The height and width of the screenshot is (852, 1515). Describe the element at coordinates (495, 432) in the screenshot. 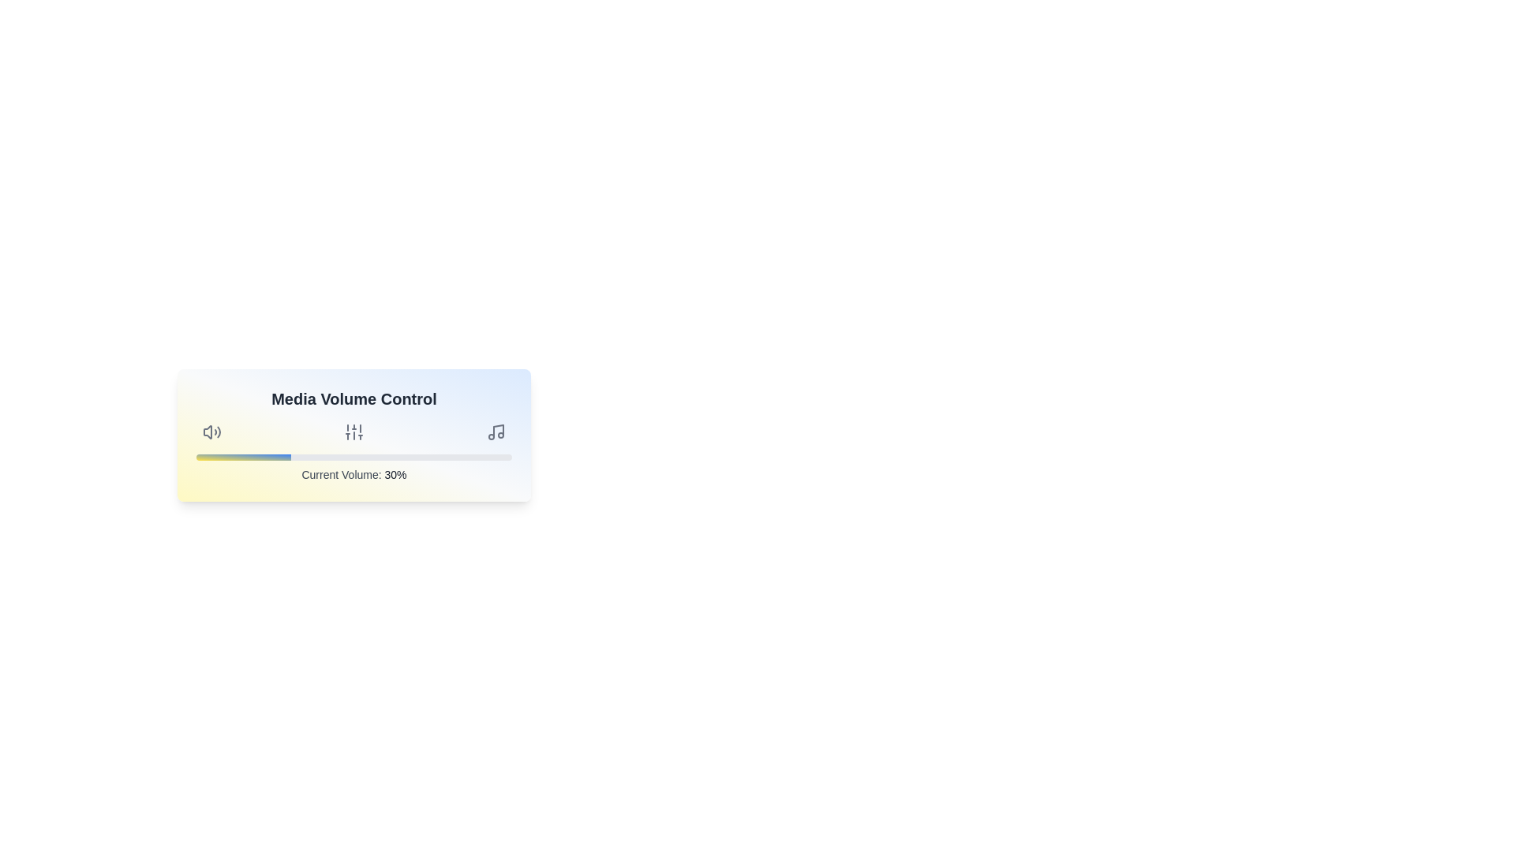

I see `the musical note icon, which is the rightmost icon in the media control interface` at that location.